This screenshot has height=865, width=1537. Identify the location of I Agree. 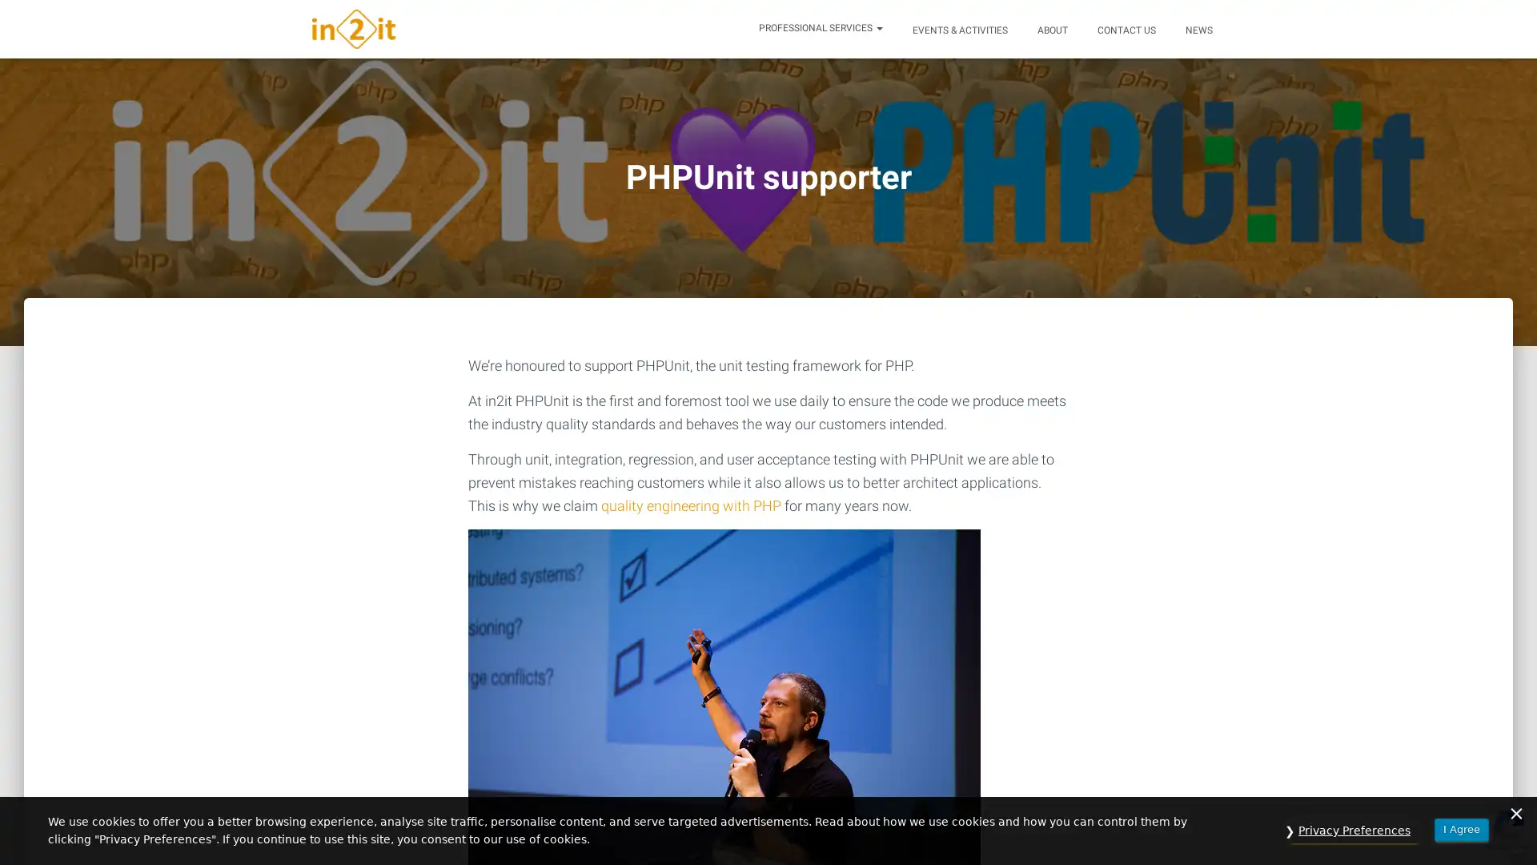
(1461, 829).